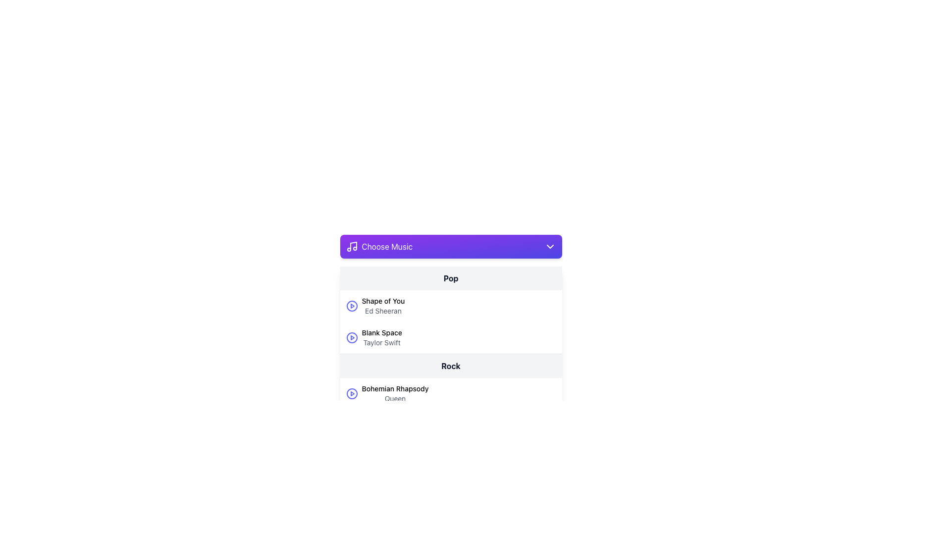 The height and width of the screenshot is (535, 951). Describe the element at coordinates (394, 393) in the screenshot. I see `the 'Bohemian Rhapsody' text list item` at that location.